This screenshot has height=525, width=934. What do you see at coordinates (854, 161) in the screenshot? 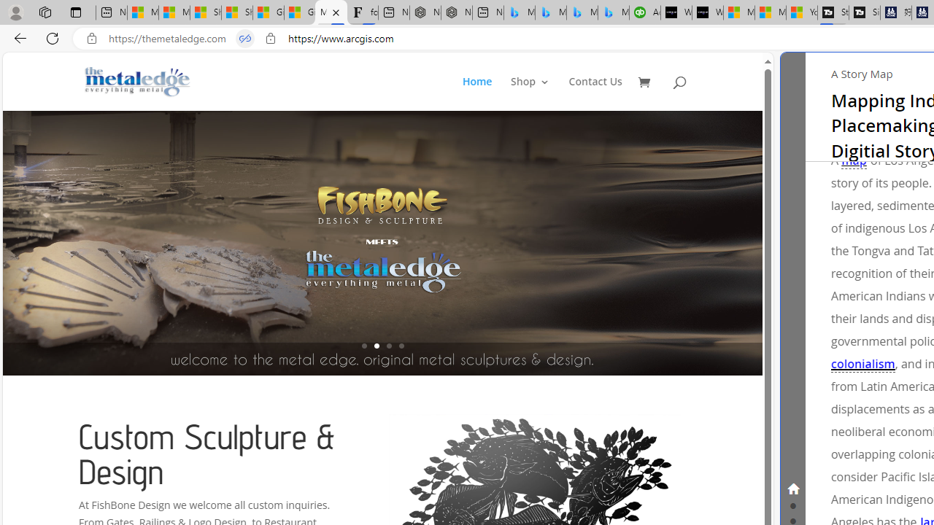
I see `'map'` at bounding box center [854, 161].